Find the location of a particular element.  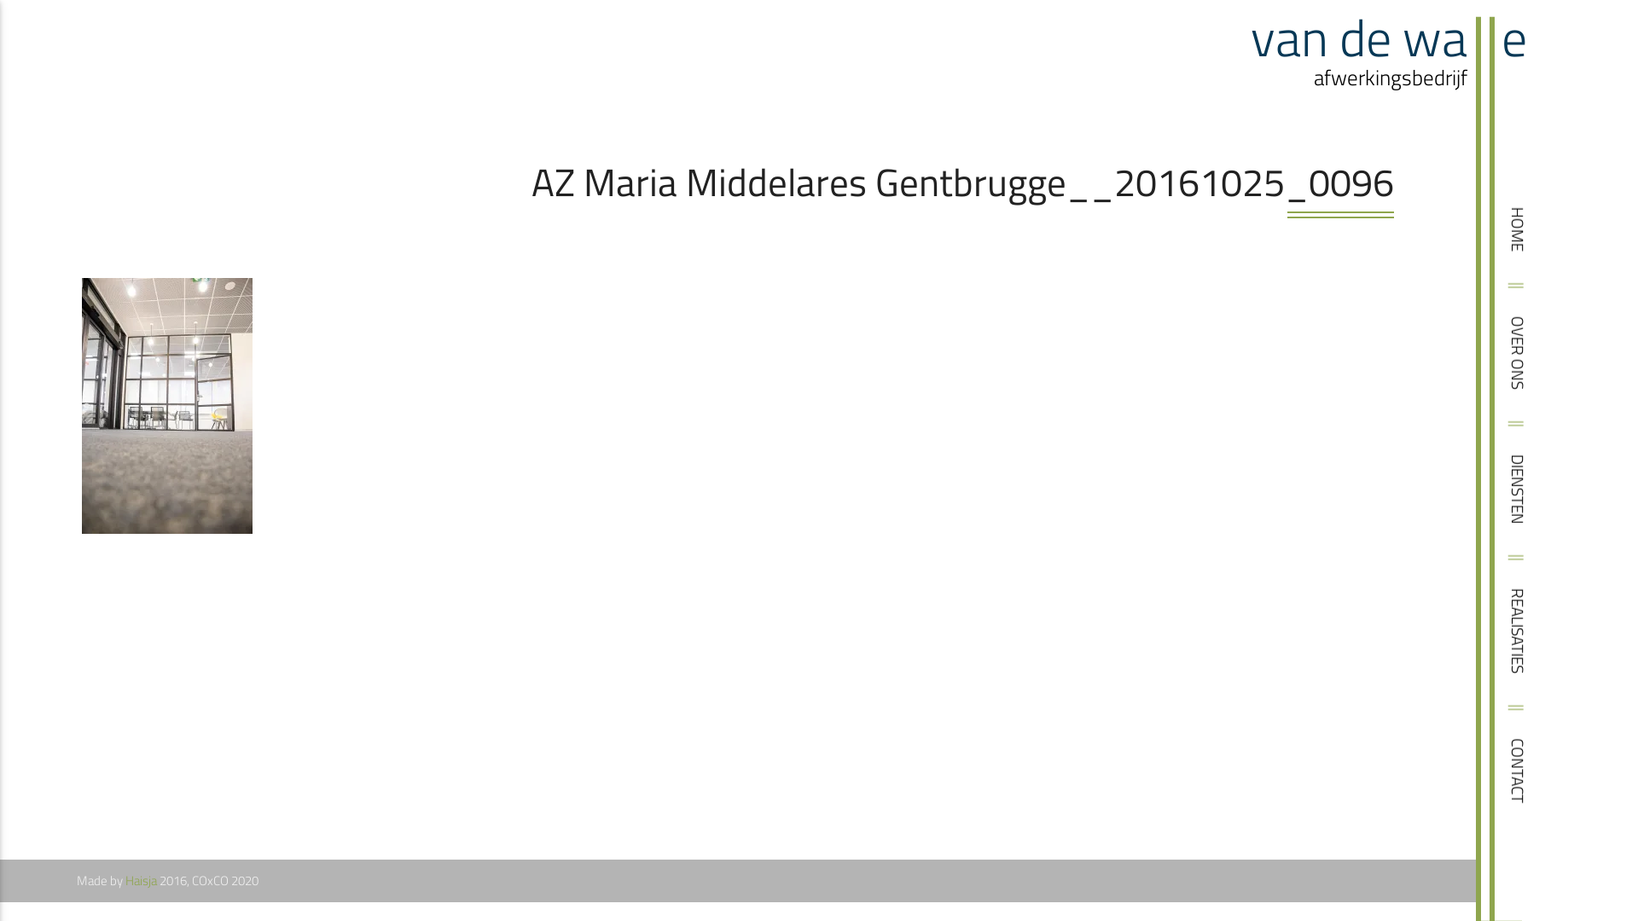

'HOME' is located at coordinates (1540, 223).